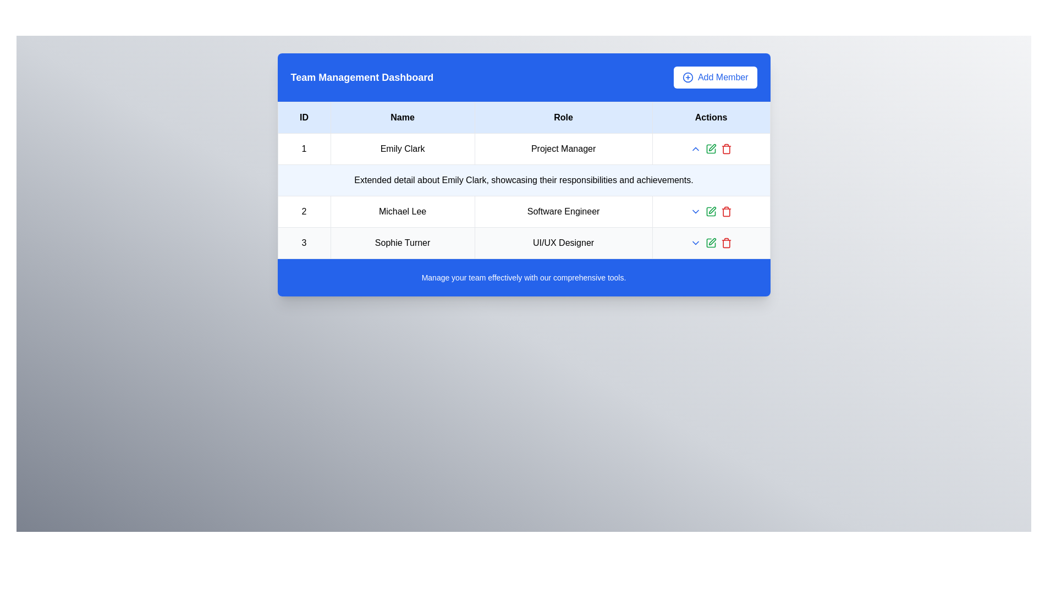 Image resolution: width=1056 pixels, height=594 pixels. What do you see at coordinates (711, 243) in the screenshot?
I see `the edit button in the 'Actions' column of the third row for 'Sophie Turner', which triggers the hover effect` at bounding box center [711, 243].